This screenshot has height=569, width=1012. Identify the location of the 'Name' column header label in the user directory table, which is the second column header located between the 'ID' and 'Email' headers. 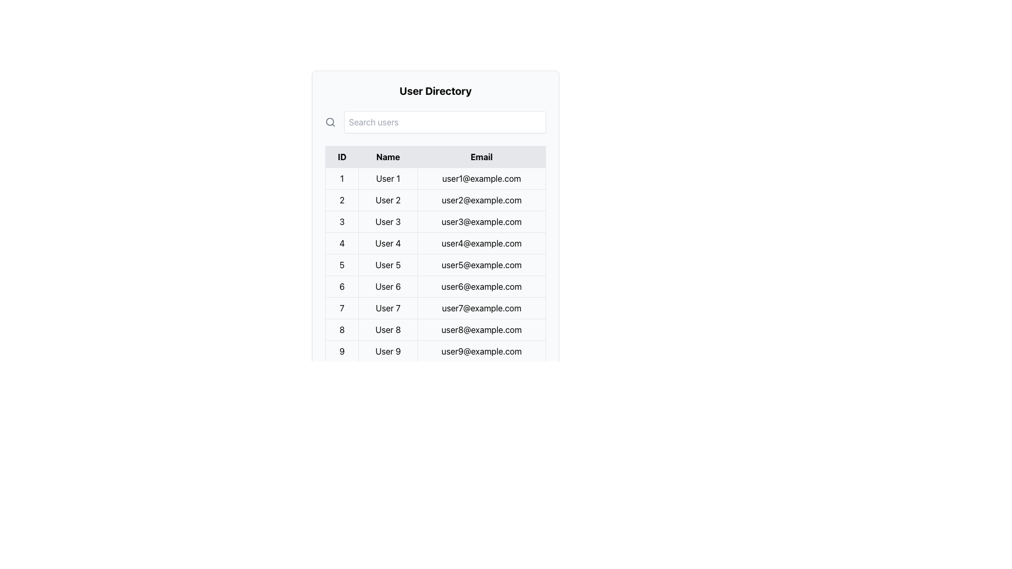
(387, 156).